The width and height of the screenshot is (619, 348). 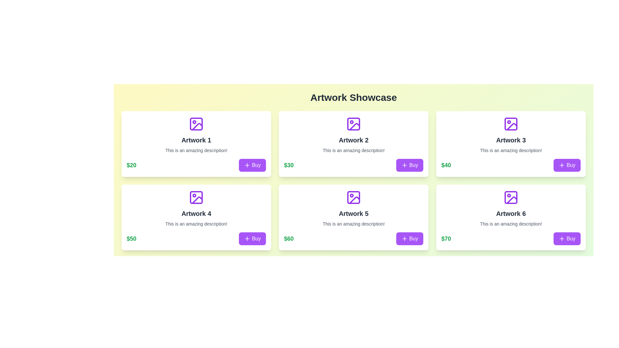 What do you see at coordinates (562, 165) in the screenshot?
I see `the appearance of the icon located within the 'Buy' button in the third card of the first row of the grid layout` at bounding box center [562, 165].